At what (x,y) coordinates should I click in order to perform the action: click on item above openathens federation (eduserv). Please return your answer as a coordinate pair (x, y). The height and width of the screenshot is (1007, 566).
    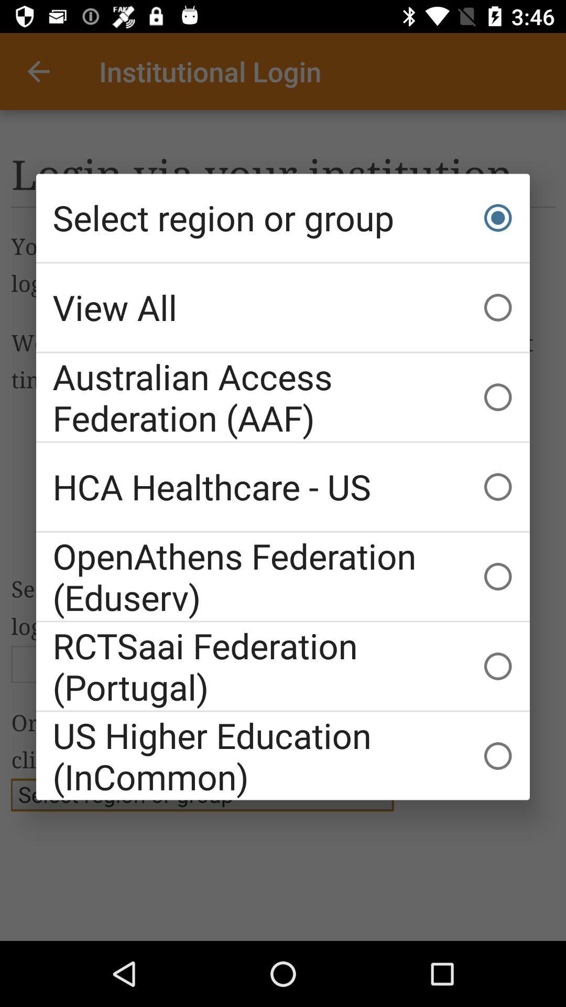
    Looking at the image, I should click on (283, 486).